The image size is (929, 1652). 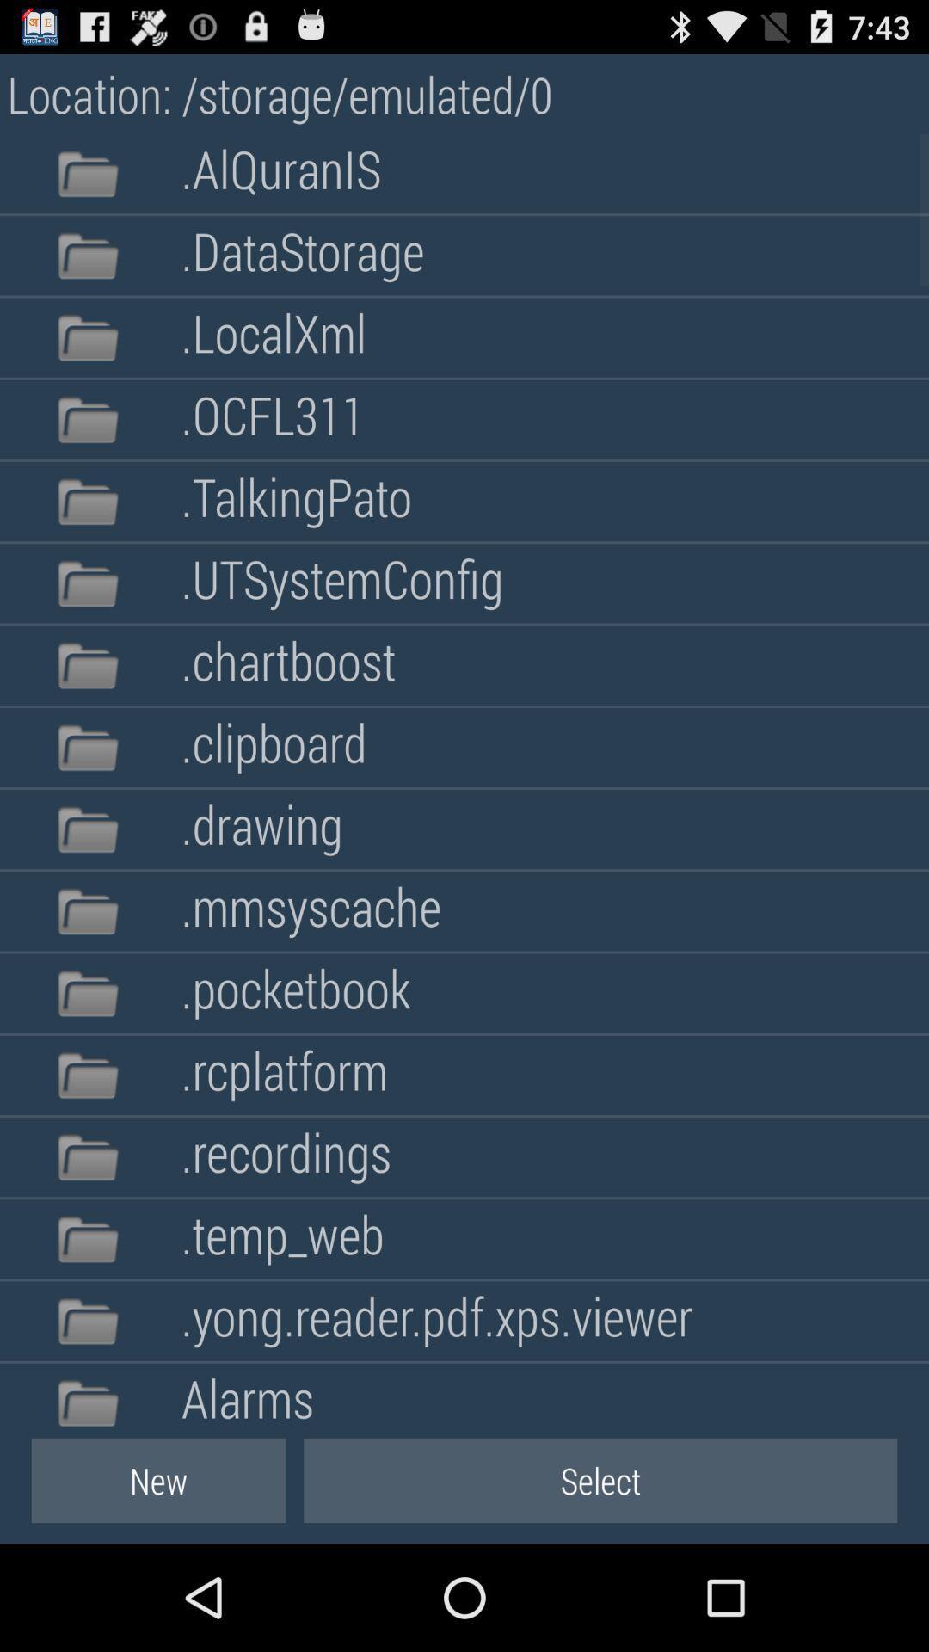 What do you see at coordinates (342, 583) in the screenshot?
I see `.utsystemconfig` at bounding box center [342, 583].